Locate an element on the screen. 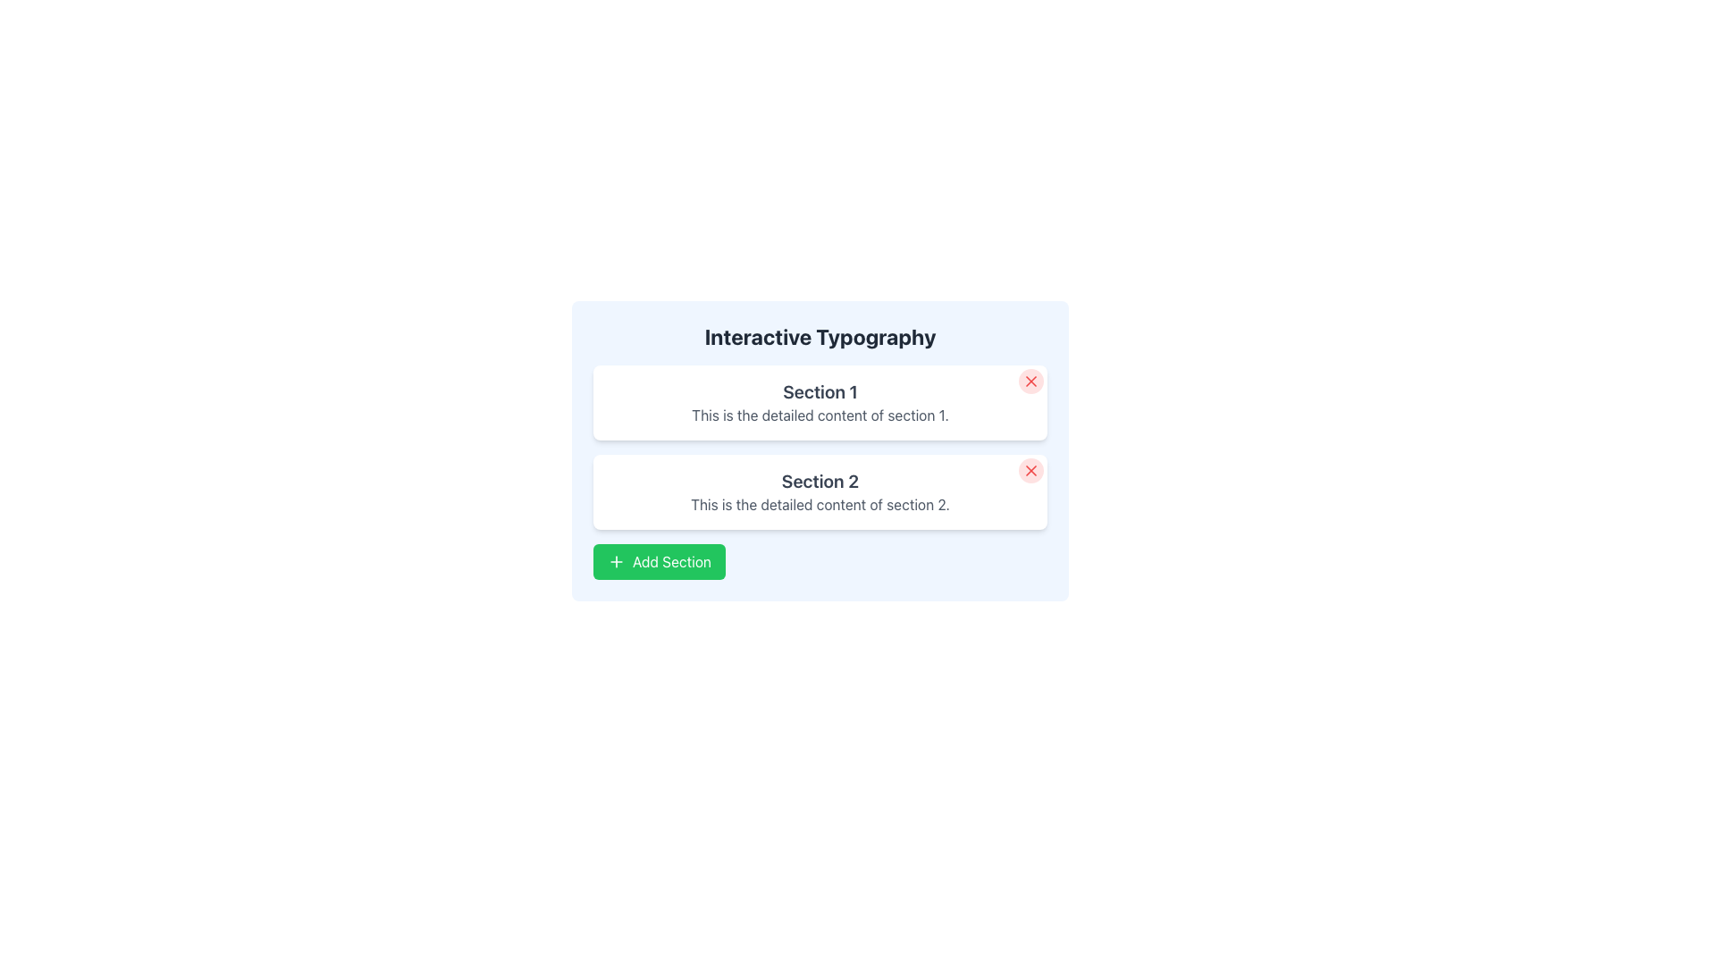 This screenshot has height=965, width=1716. the SVG graphical component representing the 'close' action, which is part of the close button for the second section of the interface is located at coordinates (1030, 470).